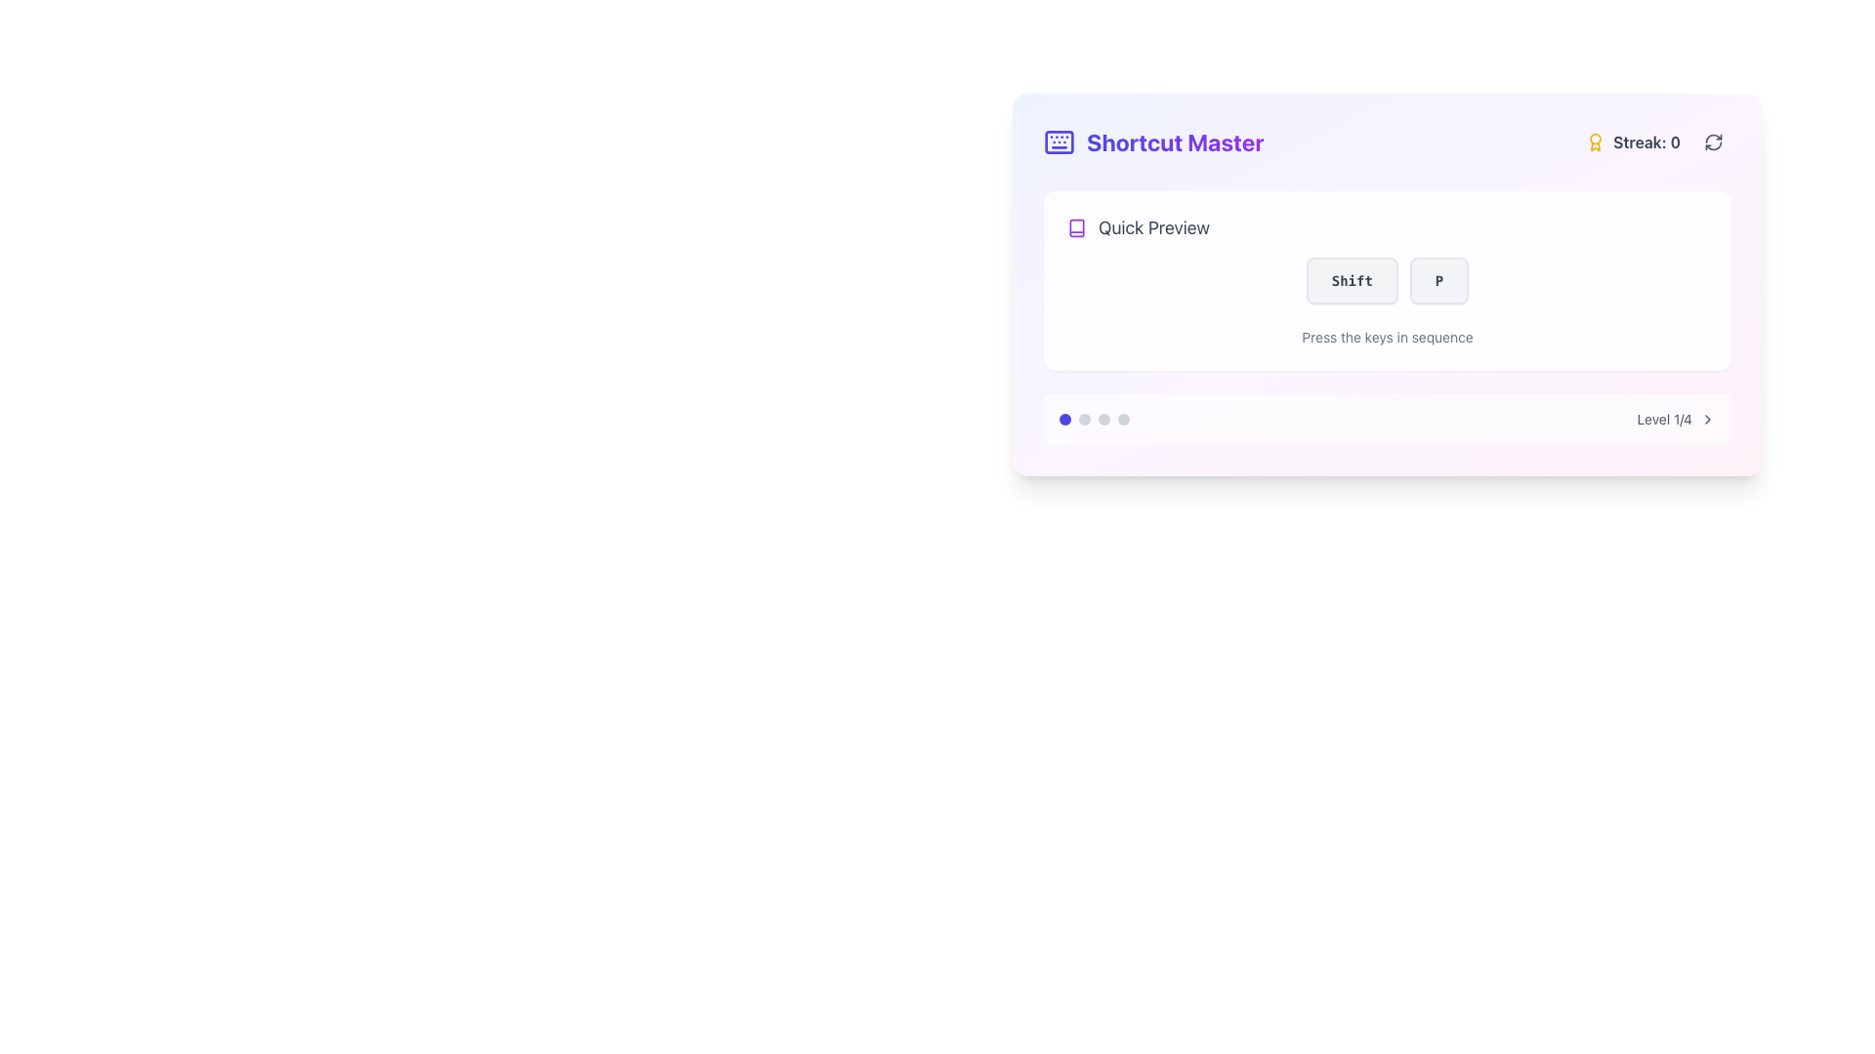 This screenshot has height=1054, width=1875. I want to click on centrally located key component of the keyboard icon within the SVG for development purposes, so click(1058, 142).